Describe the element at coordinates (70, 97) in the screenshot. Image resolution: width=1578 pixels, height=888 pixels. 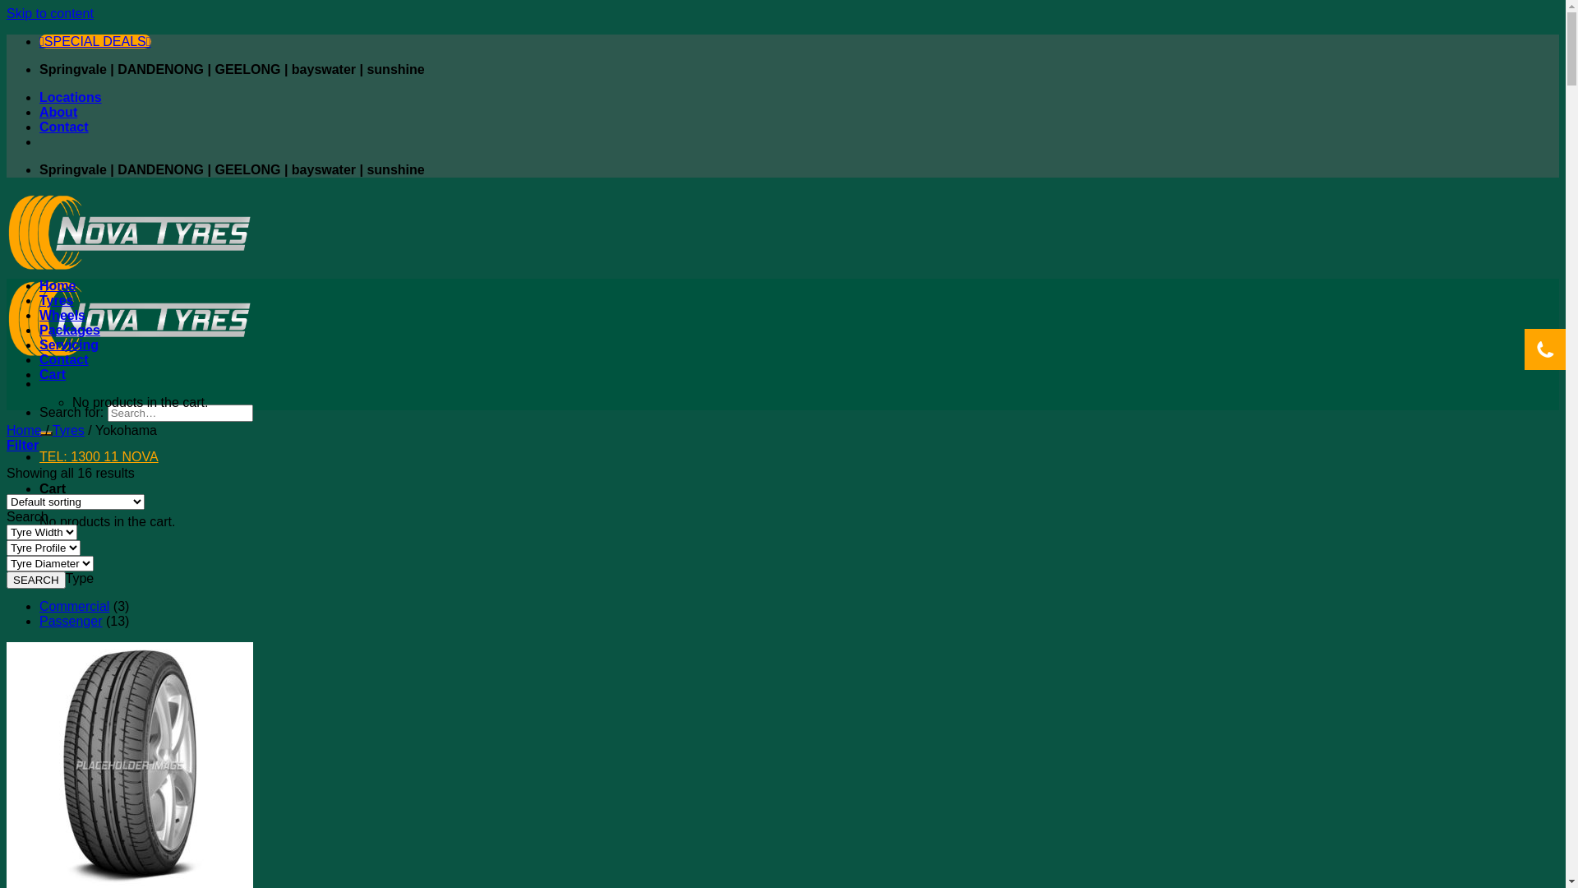
I see `'Locations'` at that location.